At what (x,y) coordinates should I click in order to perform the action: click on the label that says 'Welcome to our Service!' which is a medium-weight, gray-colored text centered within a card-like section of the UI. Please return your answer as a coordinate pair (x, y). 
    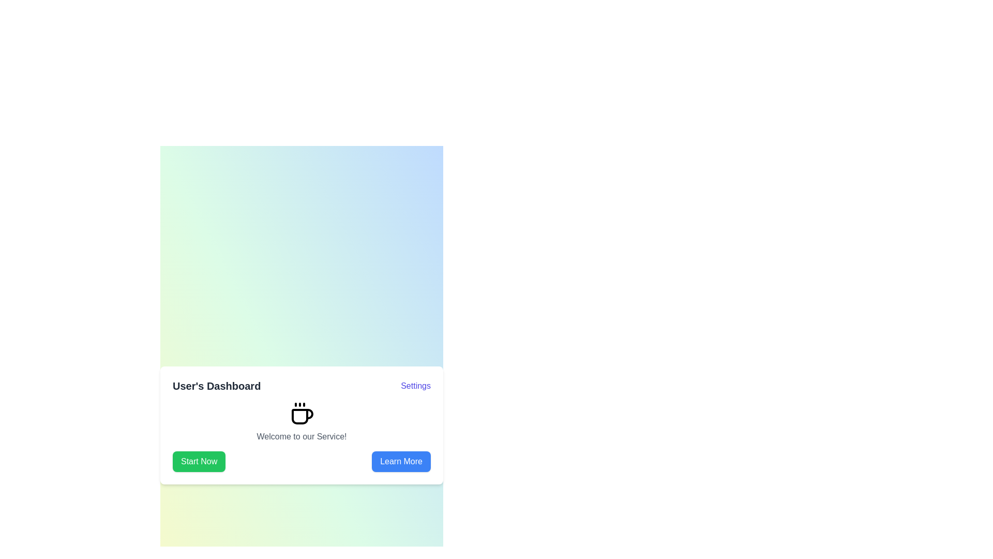
    Looking at the image, I should click on (301, 437).